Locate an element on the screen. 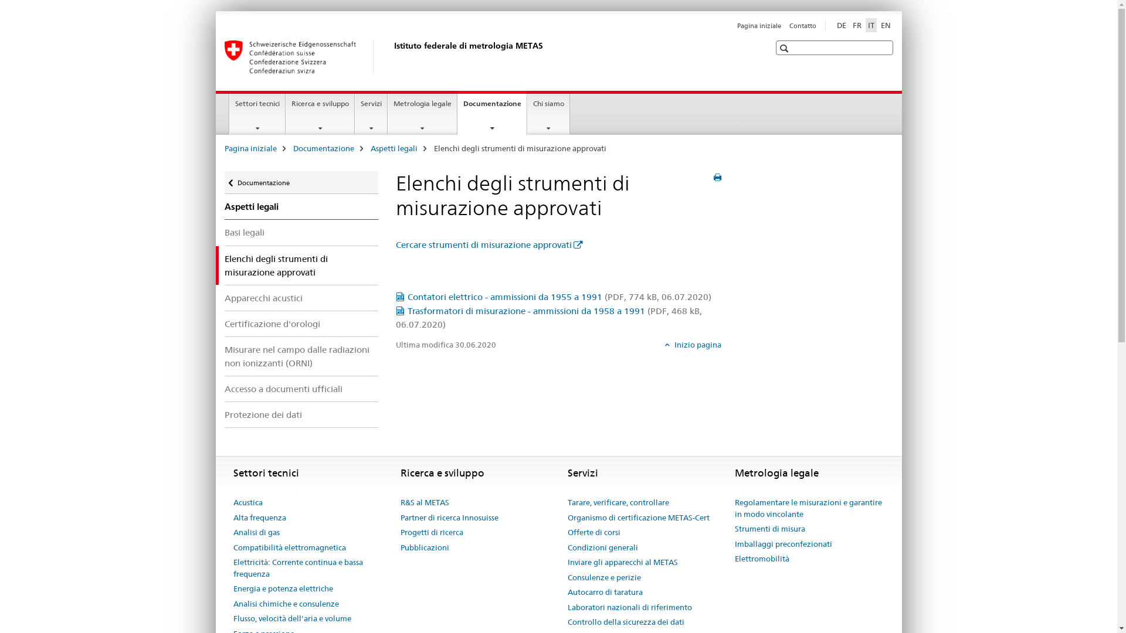 The image size is (1126, 633). 'Metrologia legale' is located at coordinates (422, 114).